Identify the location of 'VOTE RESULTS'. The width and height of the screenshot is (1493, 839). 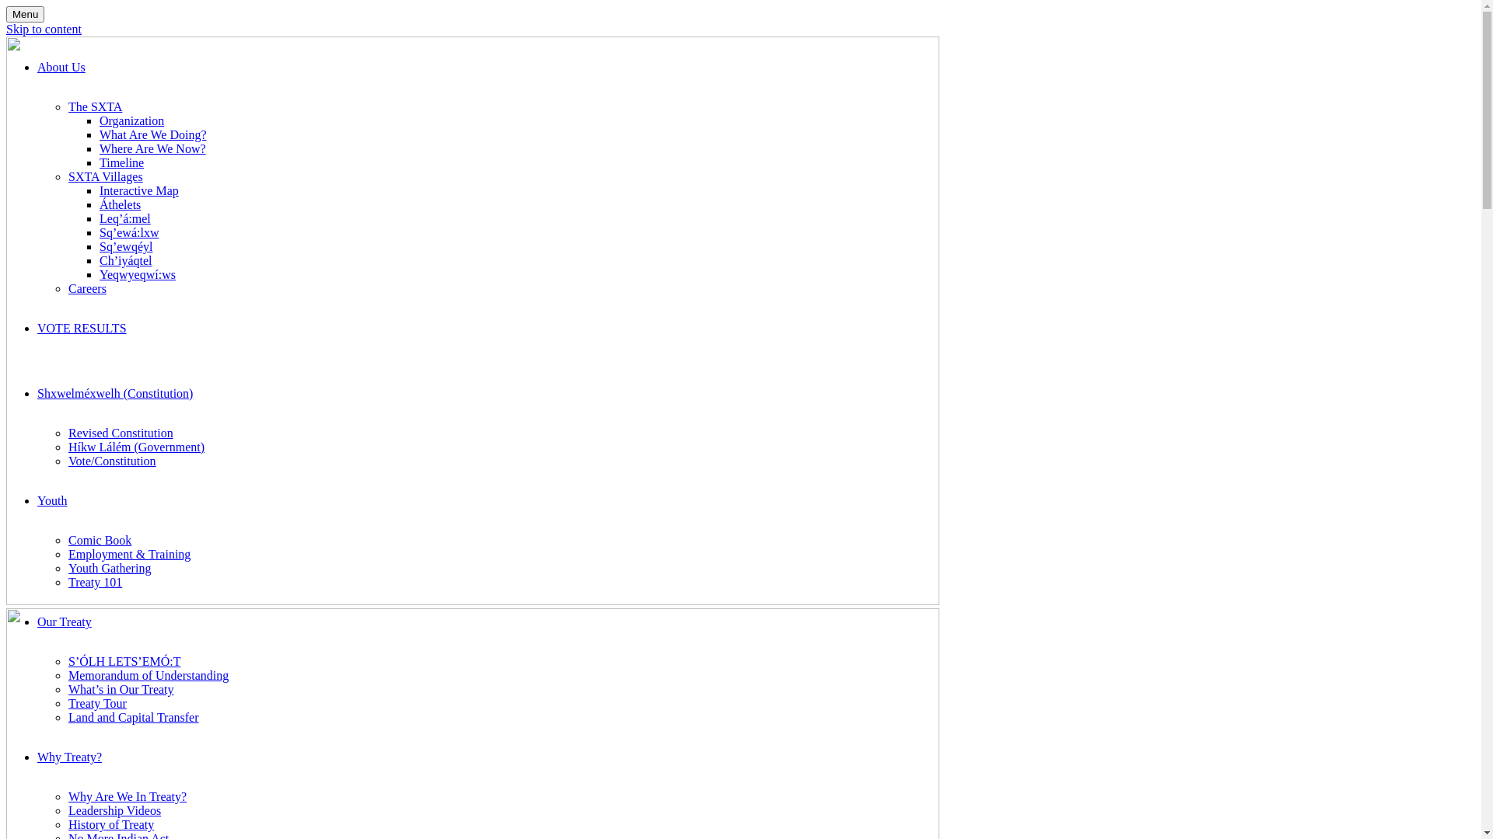
(81, 327).